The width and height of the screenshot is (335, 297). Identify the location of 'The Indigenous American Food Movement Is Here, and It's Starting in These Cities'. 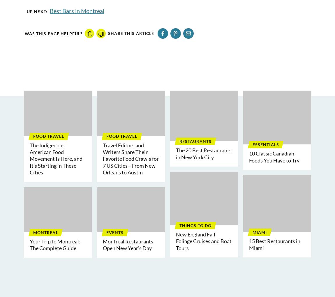
(29, 158).